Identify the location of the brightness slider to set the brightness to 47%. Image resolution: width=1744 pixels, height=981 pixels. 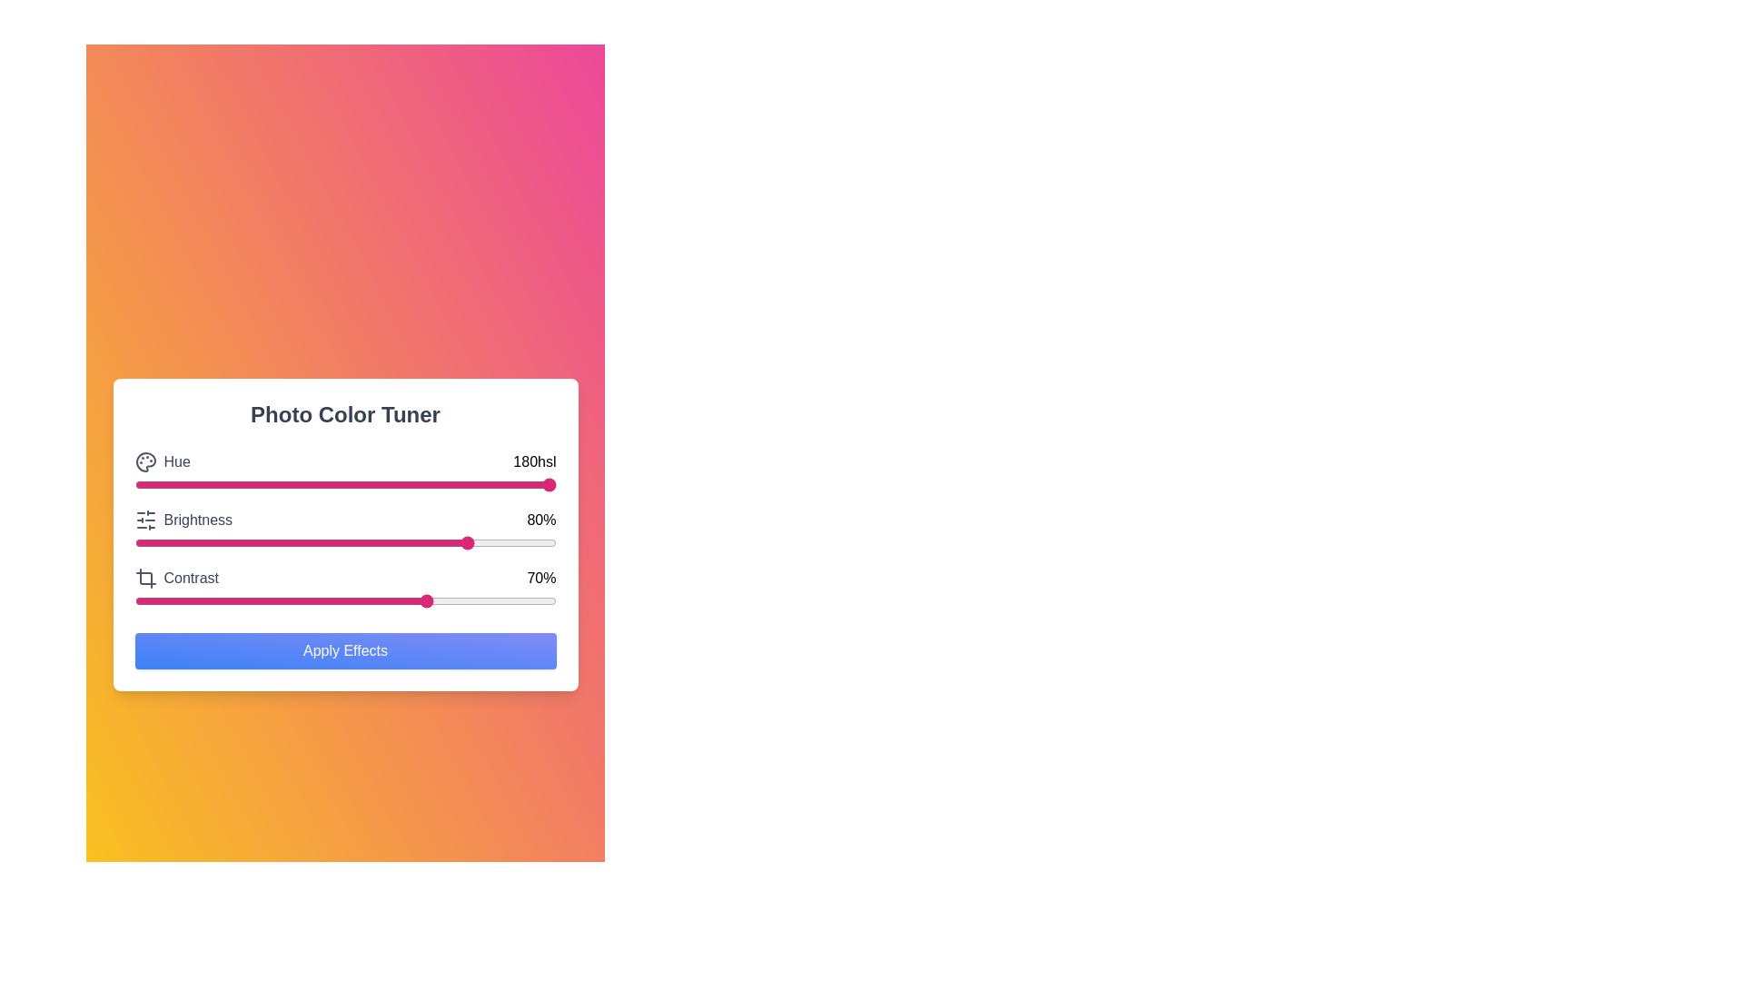
(332, 541).